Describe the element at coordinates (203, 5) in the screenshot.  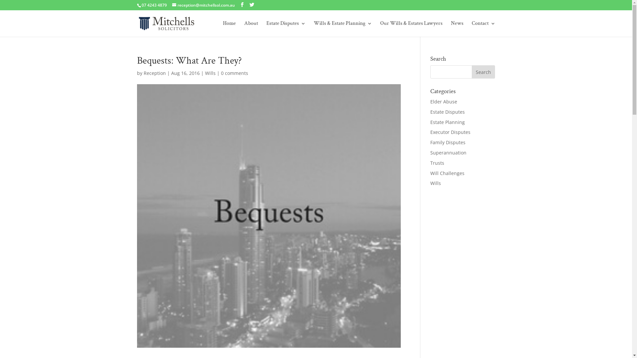
I see `'reception@mitchellsol.com.au'` at that location.